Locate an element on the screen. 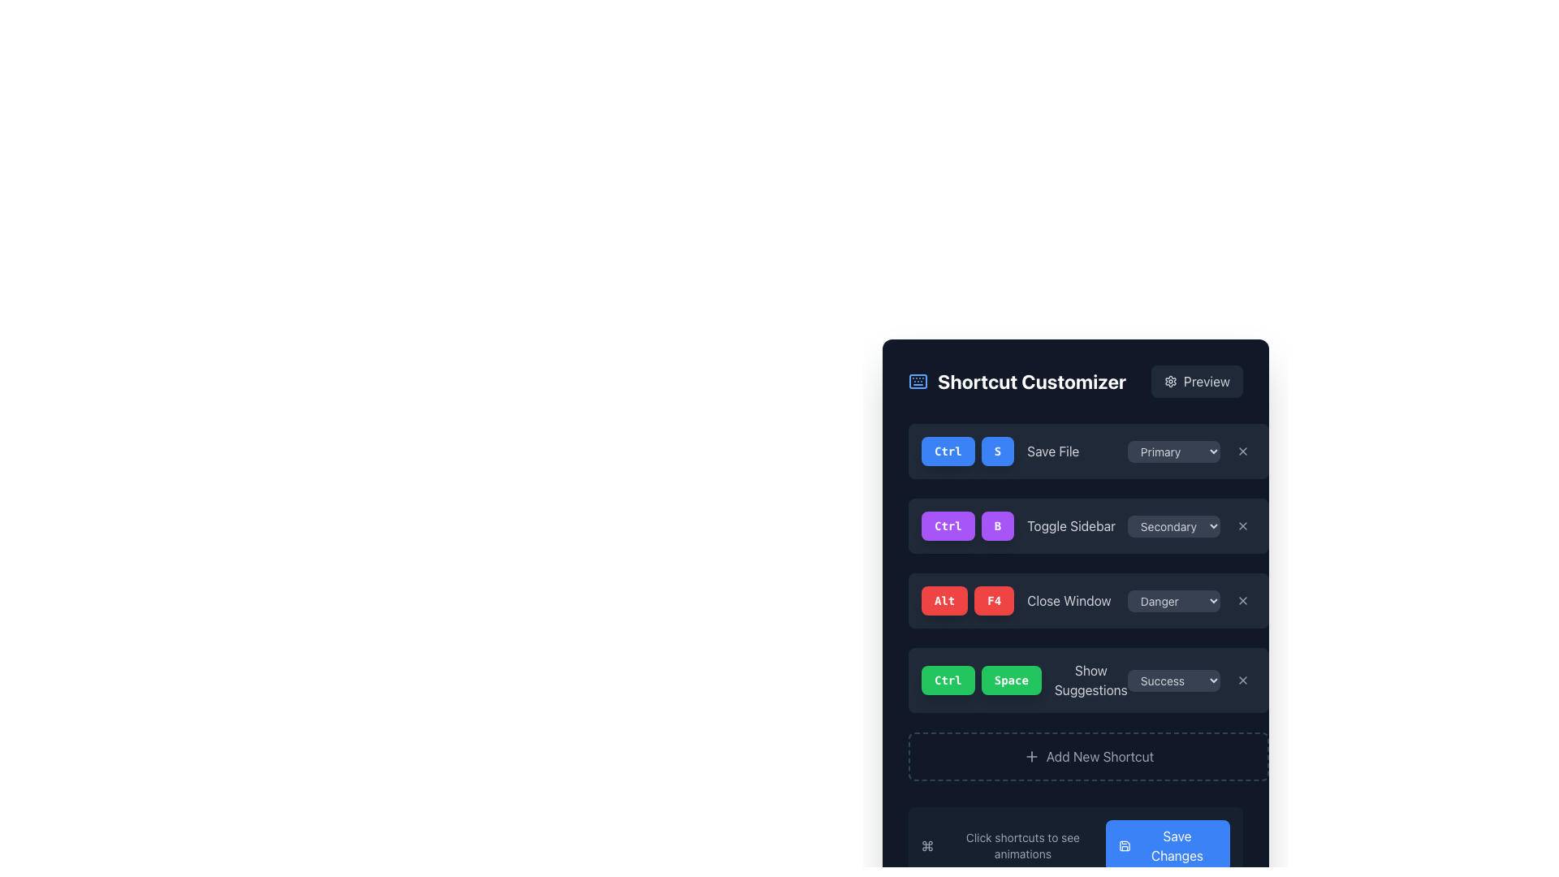 The width and height of the screenshot is (1559, 877). the button located in the top-right corner of the 'Toggle Sidebar' row in the 'Shortcut Customizer' interface is located at coordinates (1242, 526).